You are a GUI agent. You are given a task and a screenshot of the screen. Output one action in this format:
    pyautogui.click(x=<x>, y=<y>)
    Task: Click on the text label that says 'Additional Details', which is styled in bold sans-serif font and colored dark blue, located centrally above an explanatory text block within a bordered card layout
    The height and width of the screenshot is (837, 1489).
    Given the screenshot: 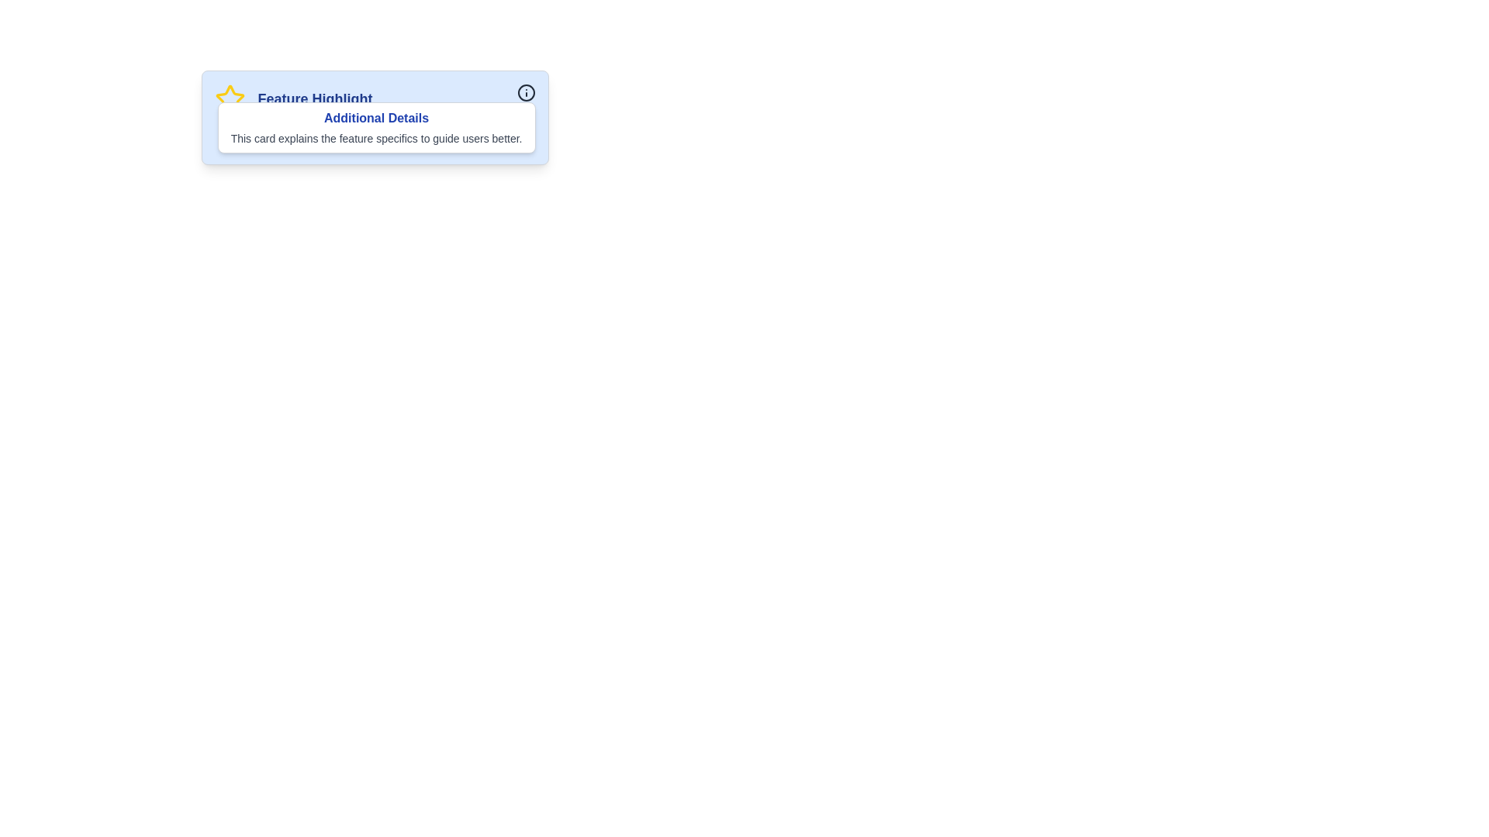 What is the action you would take?
    pyautogui.click(x=376, y=118)
    